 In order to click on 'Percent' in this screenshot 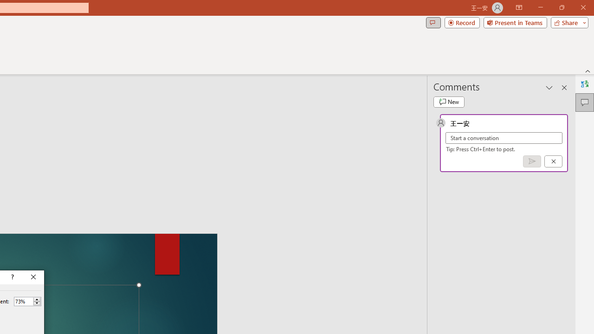, I will do `click(27, 302)`.